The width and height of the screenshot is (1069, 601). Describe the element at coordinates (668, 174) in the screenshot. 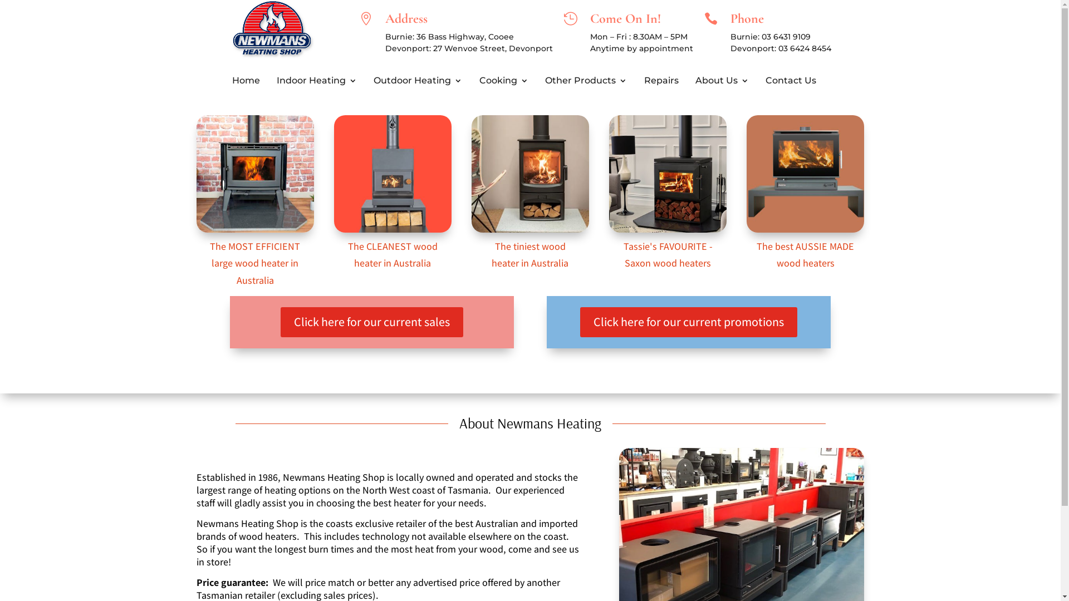

I see `'Saxon Black'` at that location.